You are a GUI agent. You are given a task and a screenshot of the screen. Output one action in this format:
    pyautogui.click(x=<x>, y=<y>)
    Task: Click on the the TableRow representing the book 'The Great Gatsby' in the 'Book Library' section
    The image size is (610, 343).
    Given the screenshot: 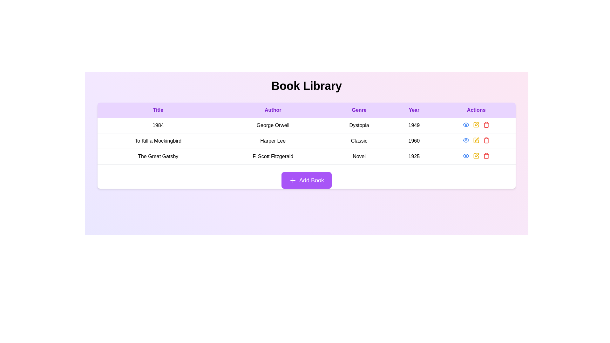 What is the action you would take?
    pyautogui.click(x=306, y=157)
    